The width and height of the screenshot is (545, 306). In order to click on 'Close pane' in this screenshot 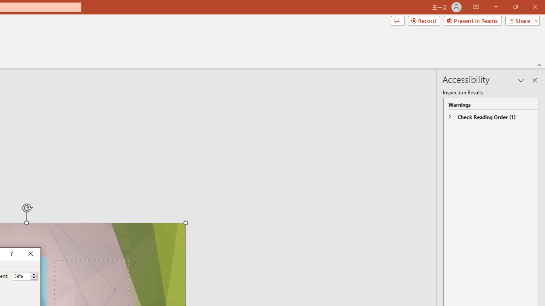, I will do `click(534, 80)`.